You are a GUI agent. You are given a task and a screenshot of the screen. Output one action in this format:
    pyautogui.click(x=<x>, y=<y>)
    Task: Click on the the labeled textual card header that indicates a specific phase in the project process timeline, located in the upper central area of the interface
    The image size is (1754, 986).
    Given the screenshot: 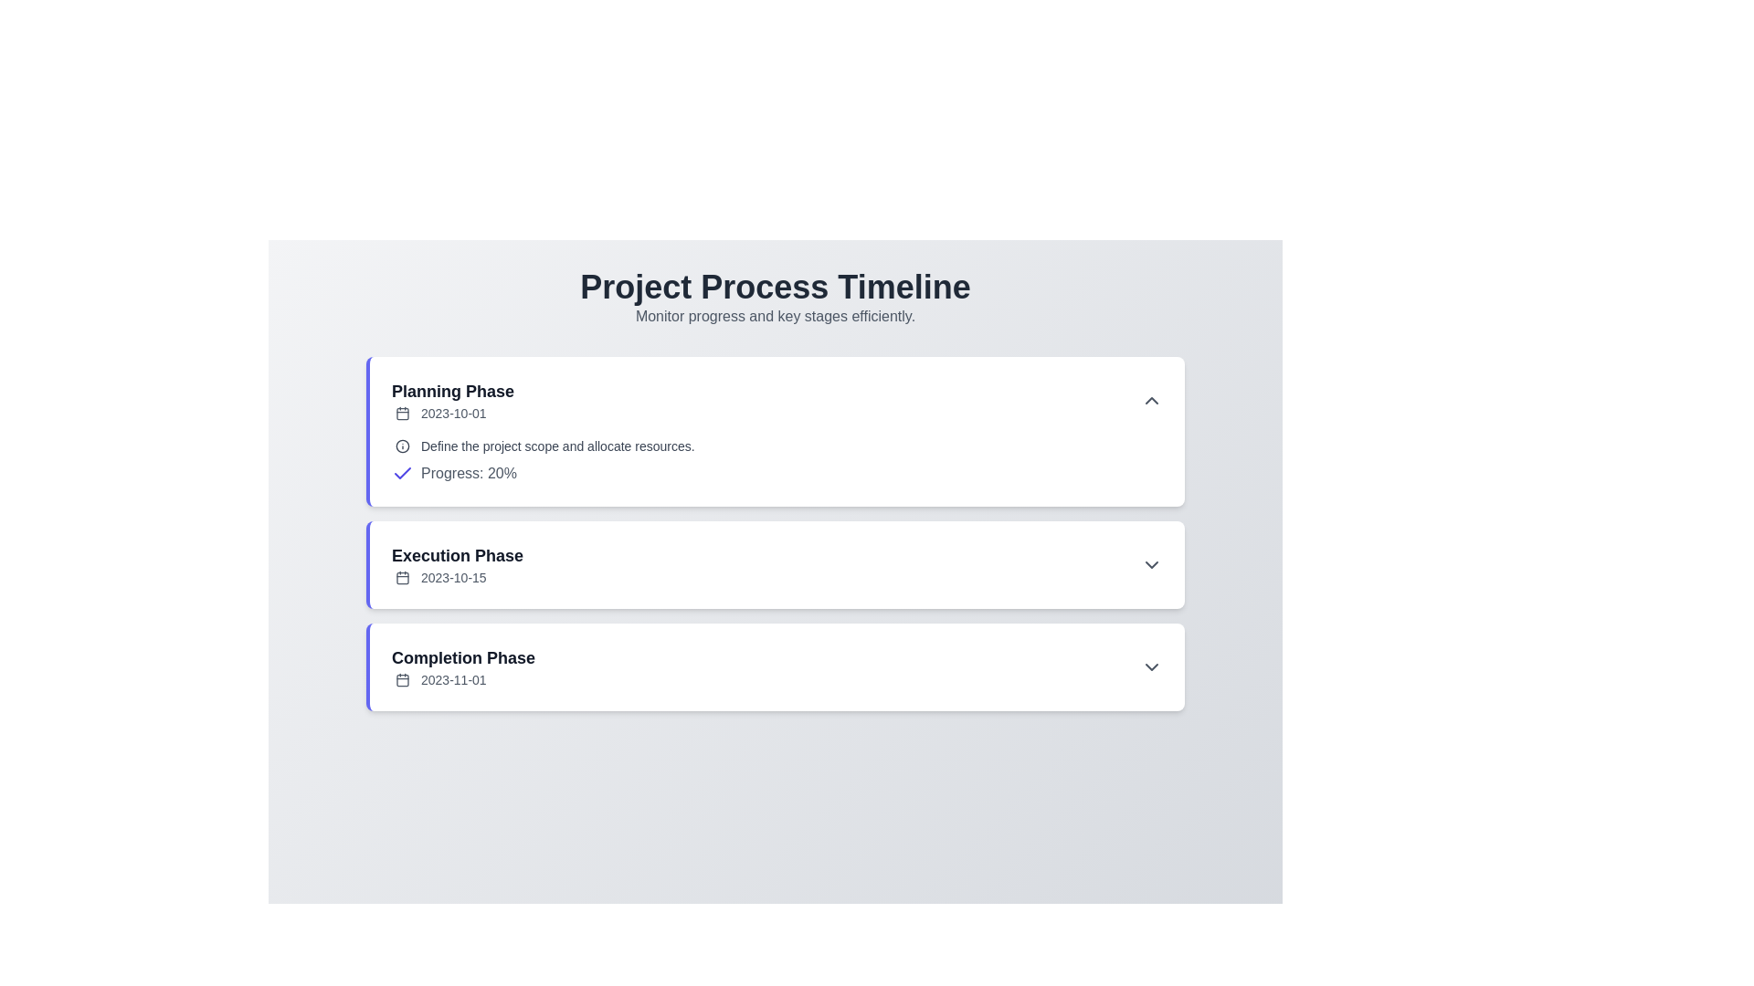 What is the action you would take?
    pyautogui.click(x=452, y=400)
    